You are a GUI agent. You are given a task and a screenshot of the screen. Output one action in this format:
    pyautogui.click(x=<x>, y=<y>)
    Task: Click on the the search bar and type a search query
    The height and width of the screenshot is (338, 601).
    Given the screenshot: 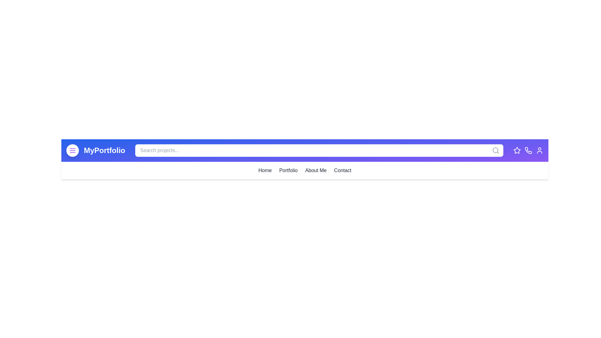 What is the action you would take?
    pyautogui.click(x=319, y=151)
    